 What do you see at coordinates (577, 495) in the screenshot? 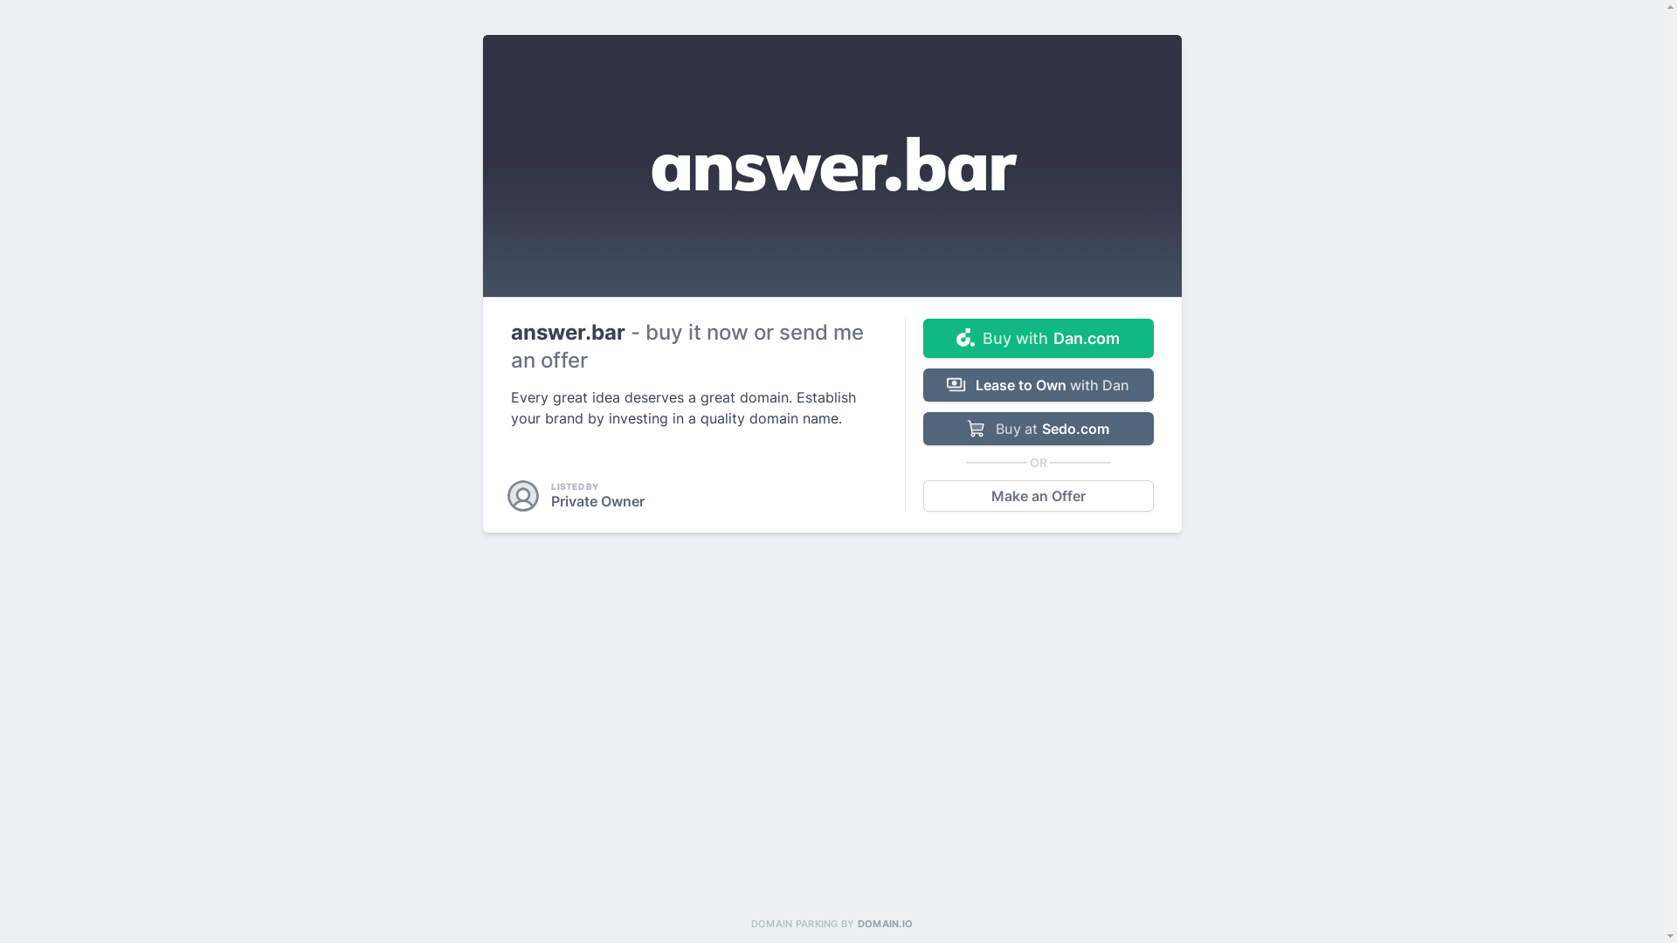
I see `'LISTED BY` at bounding box center [577, 495].